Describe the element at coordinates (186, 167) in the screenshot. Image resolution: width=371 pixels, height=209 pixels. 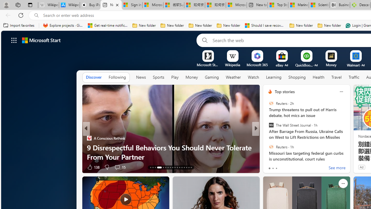
I see `'AutomationID: tab-35'` at that location.